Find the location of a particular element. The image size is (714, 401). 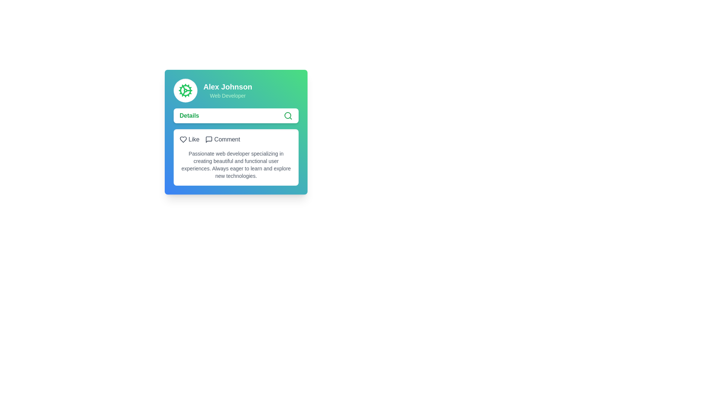

the 'Comment' label, which displays the word 'Comment' in dark gray, positioned to the right of a speech bubble icon and within a light gray background section is located at coordinates (226, 139).